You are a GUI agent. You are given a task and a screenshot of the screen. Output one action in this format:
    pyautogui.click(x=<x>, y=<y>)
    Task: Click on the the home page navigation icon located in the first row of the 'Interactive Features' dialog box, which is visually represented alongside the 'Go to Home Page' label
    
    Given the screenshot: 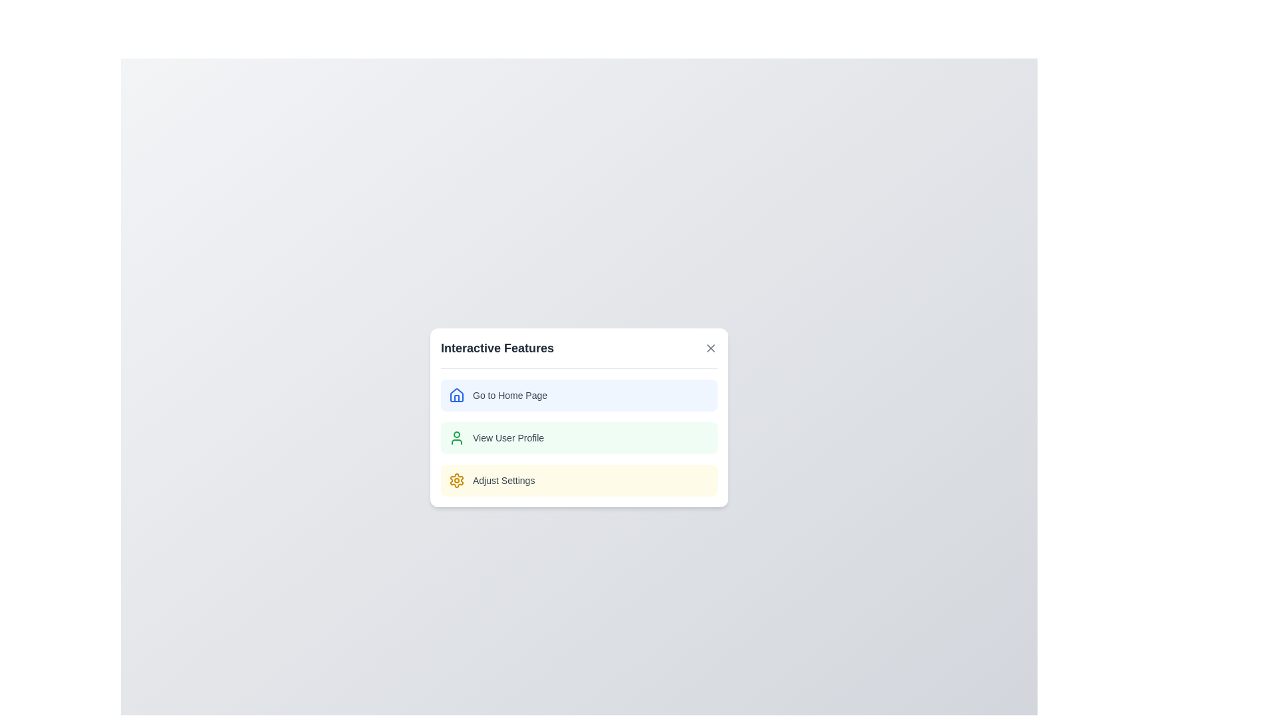 What is the action you would take?
    pyautogui.click(x=456, y=394)
    